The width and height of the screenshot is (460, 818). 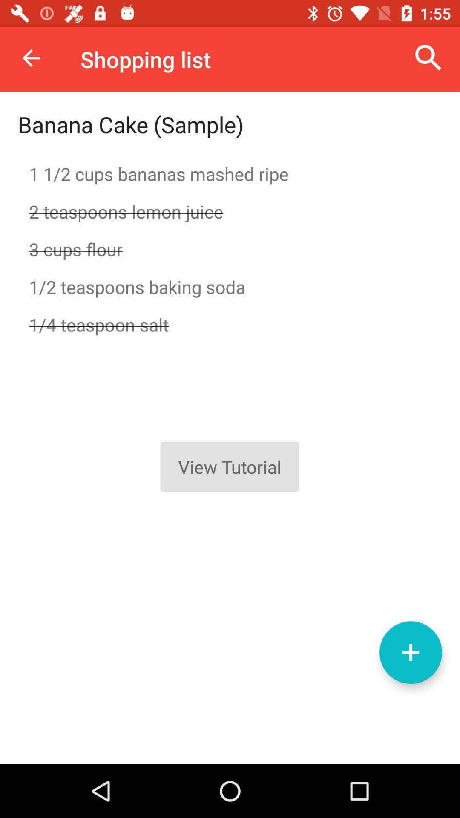 What do you see at coordinates (428, 58) in the screenshot?
I see `icon at the top right corner` at bounding box center [428, 58].